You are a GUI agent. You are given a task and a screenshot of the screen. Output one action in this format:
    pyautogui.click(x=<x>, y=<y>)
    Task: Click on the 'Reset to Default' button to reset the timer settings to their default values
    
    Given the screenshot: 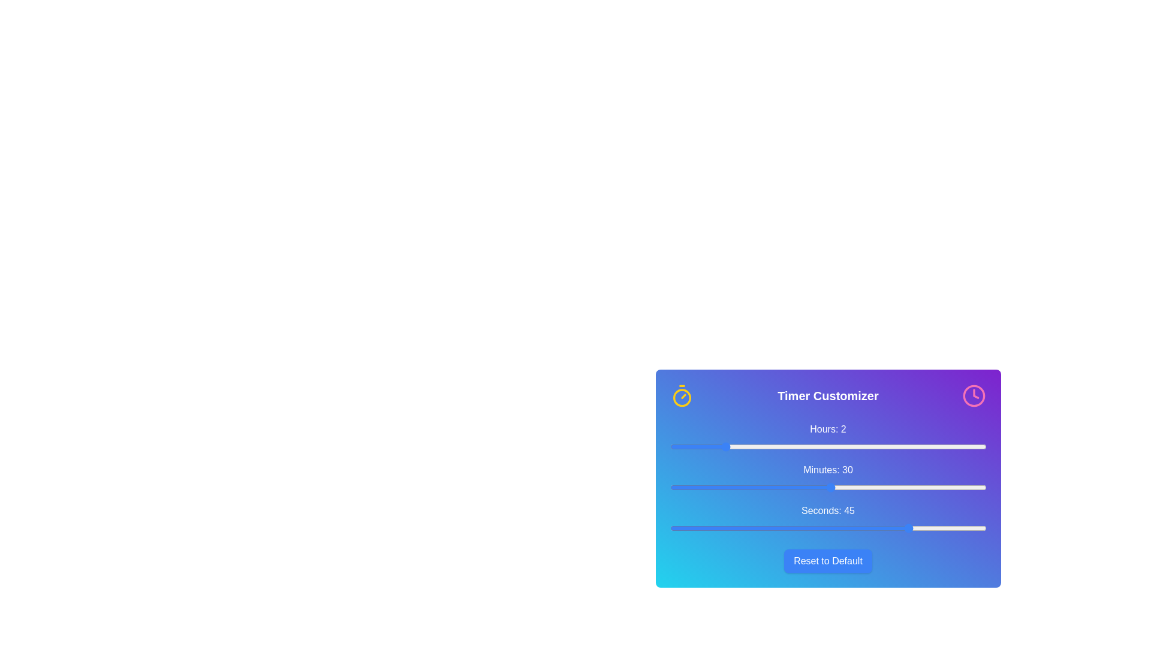 What is the action you would take?
    pyautogui.click(x=827, y=561)
    